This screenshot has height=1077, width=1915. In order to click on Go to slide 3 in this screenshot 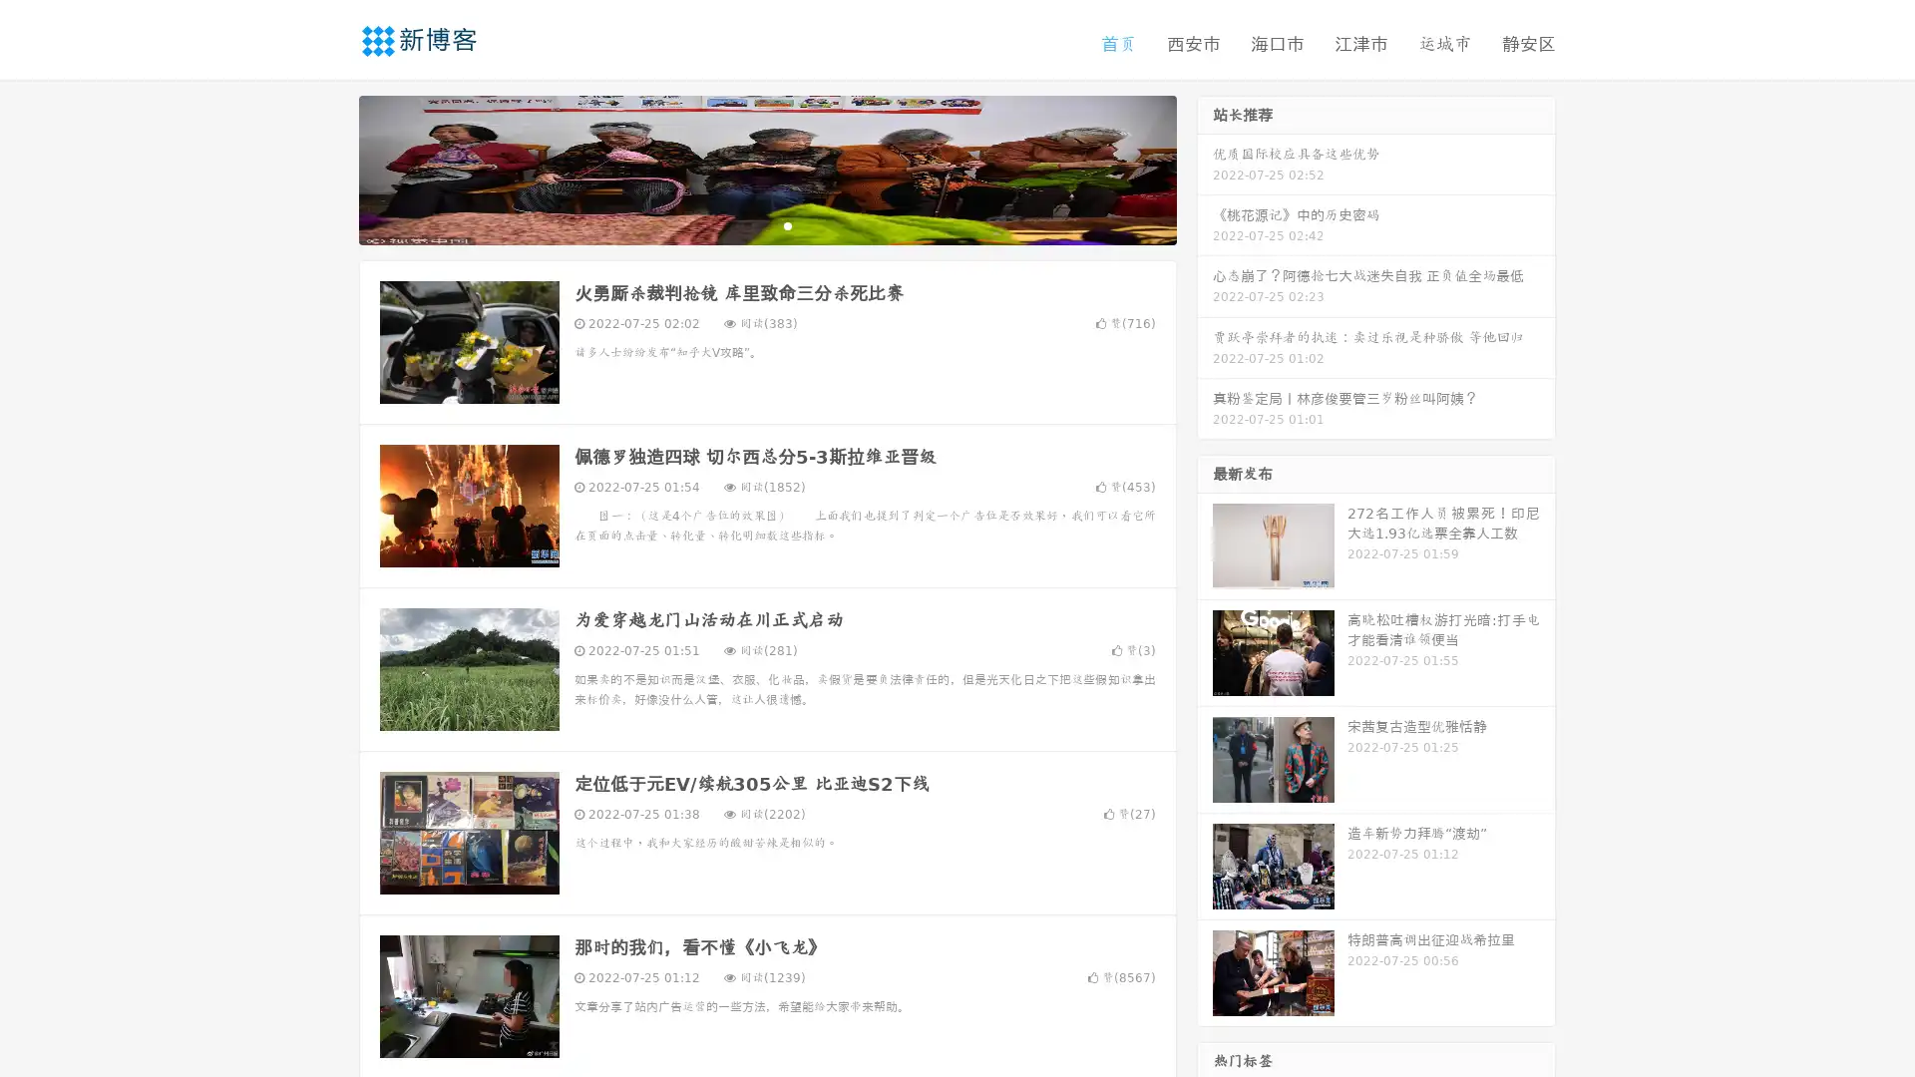, I will do `click(787, 224)`.